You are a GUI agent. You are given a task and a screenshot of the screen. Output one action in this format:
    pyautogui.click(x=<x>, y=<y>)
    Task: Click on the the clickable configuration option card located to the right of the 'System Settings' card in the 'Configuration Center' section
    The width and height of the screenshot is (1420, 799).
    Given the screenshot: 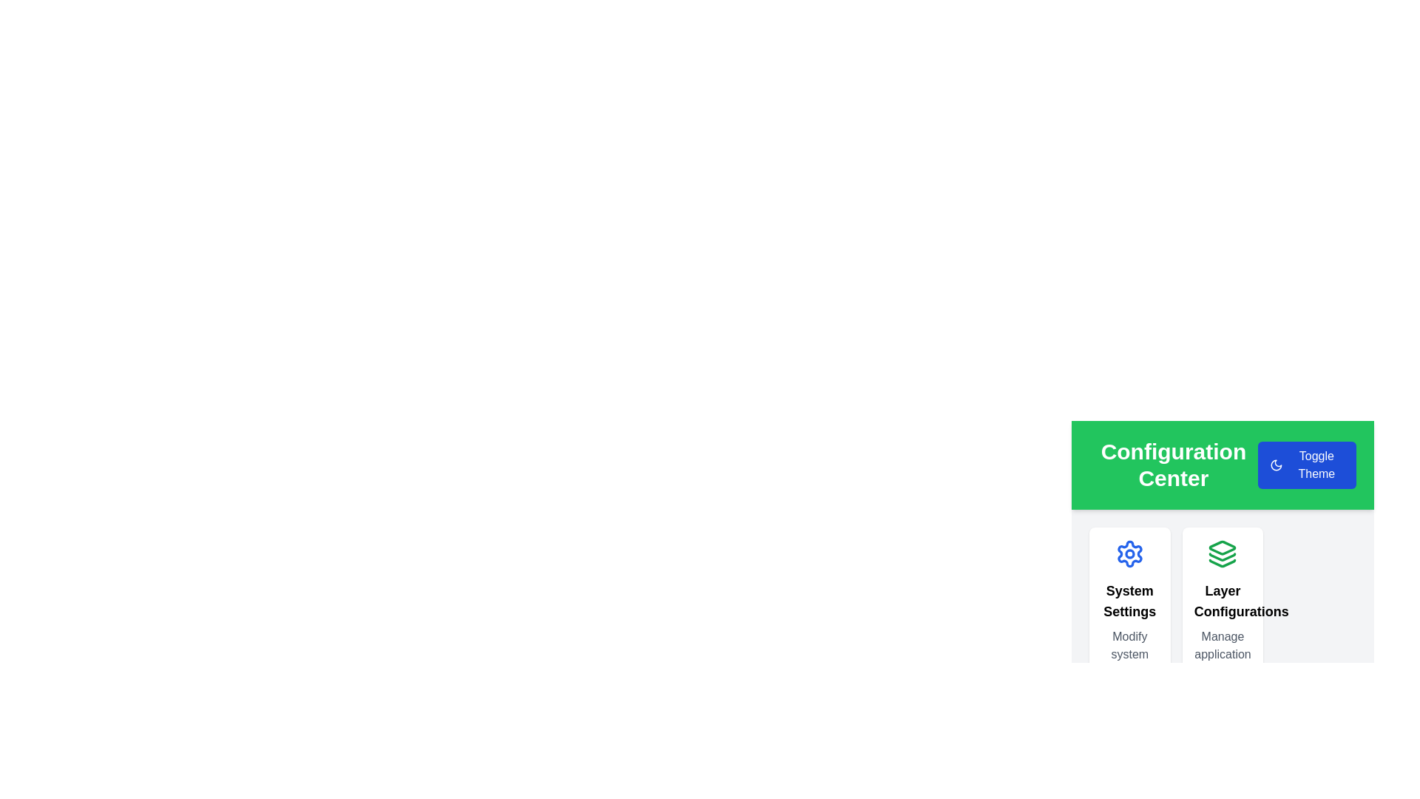 What is the action you would take?
    pyautogui.click(x=1223, y=533)
    